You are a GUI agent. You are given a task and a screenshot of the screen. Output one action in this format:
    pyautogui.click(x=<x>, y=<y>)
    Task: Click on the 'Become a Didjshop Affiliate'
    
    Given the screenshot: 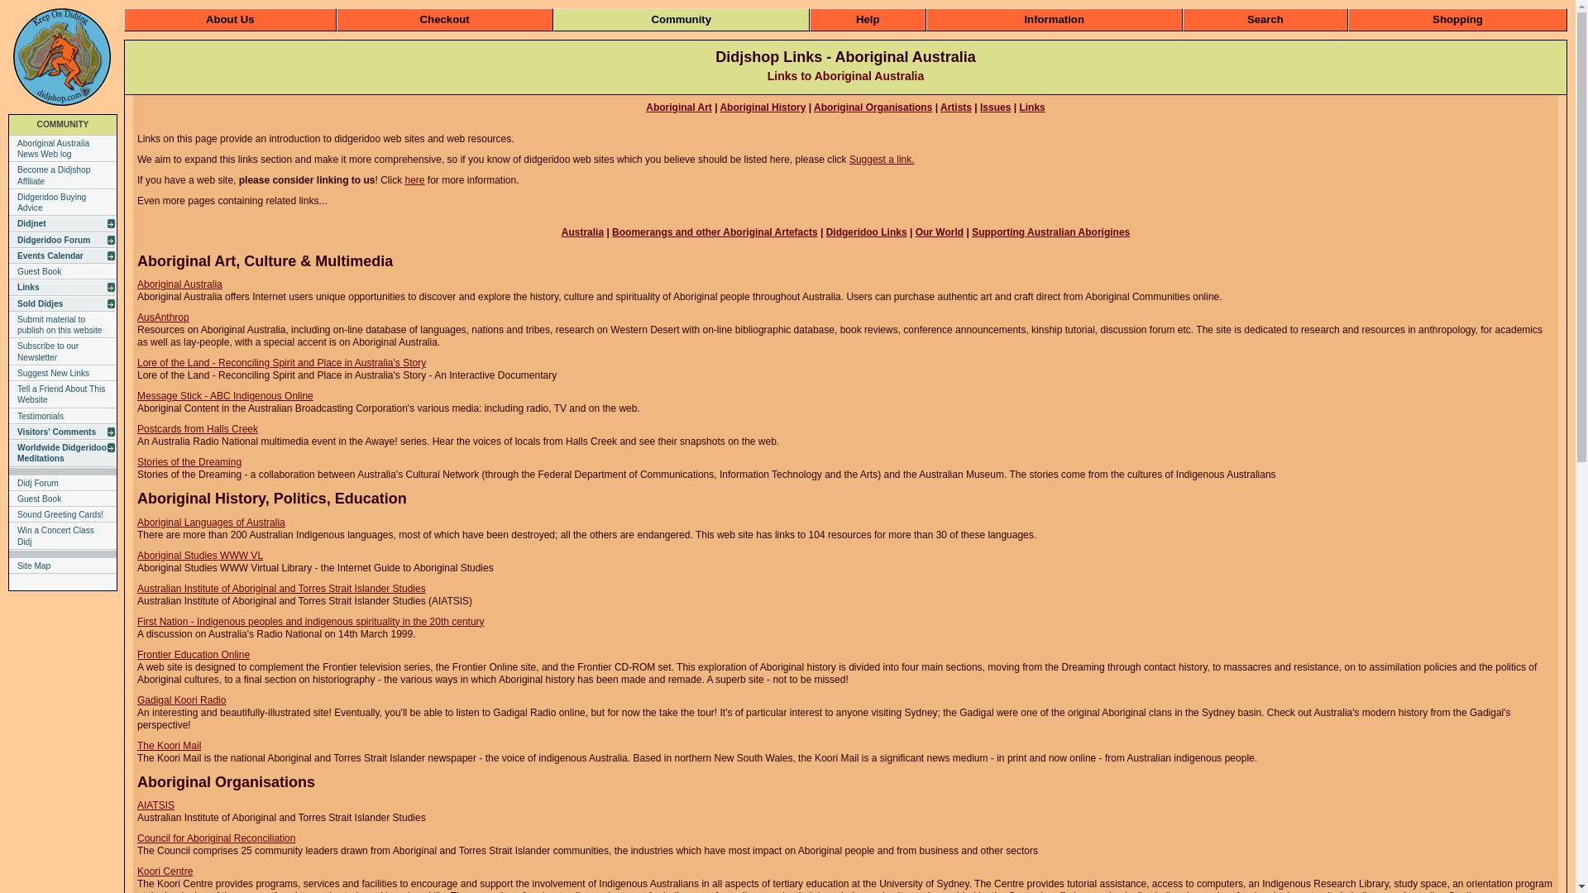 What is the action you would take?
    pyautogui.click(x=63, y=175)
    